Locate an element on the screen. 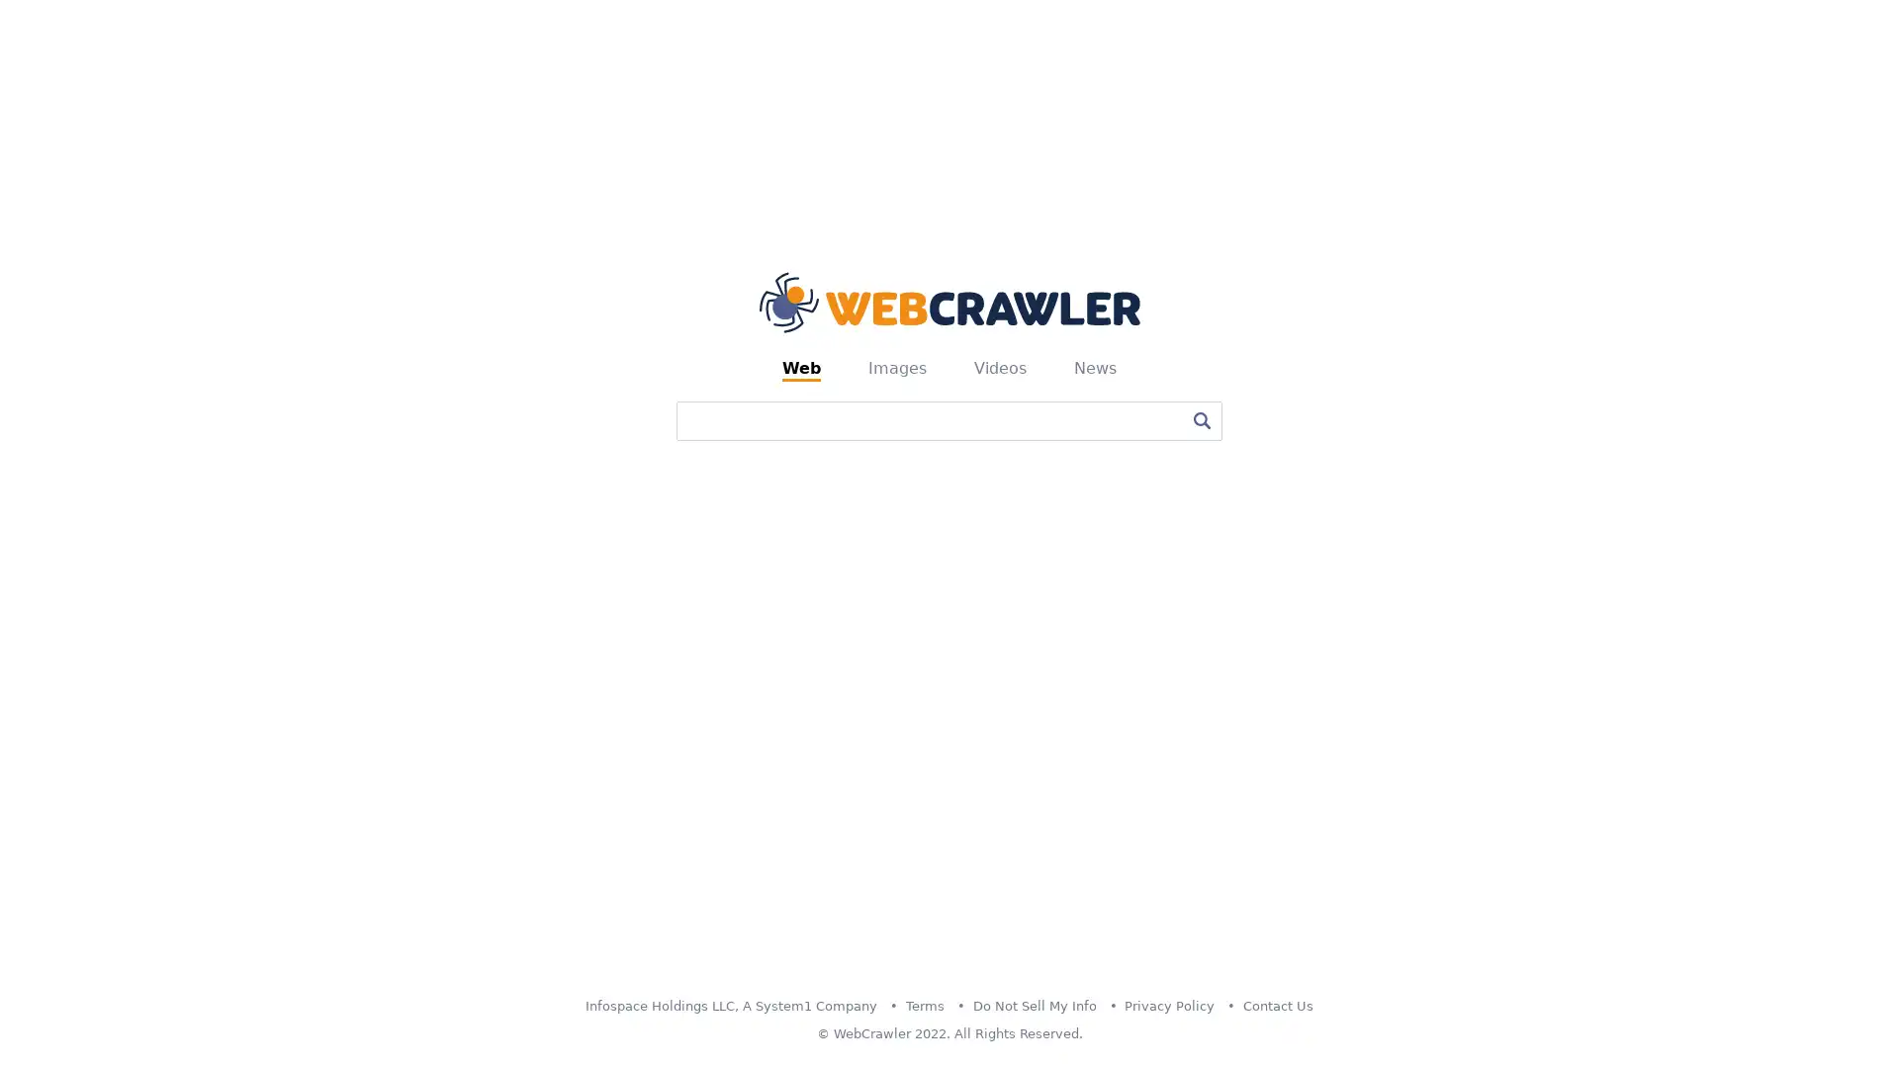 This screenshot has width=1899, height=1068. WebCrawler Search is located at coordinates (1200, 418).